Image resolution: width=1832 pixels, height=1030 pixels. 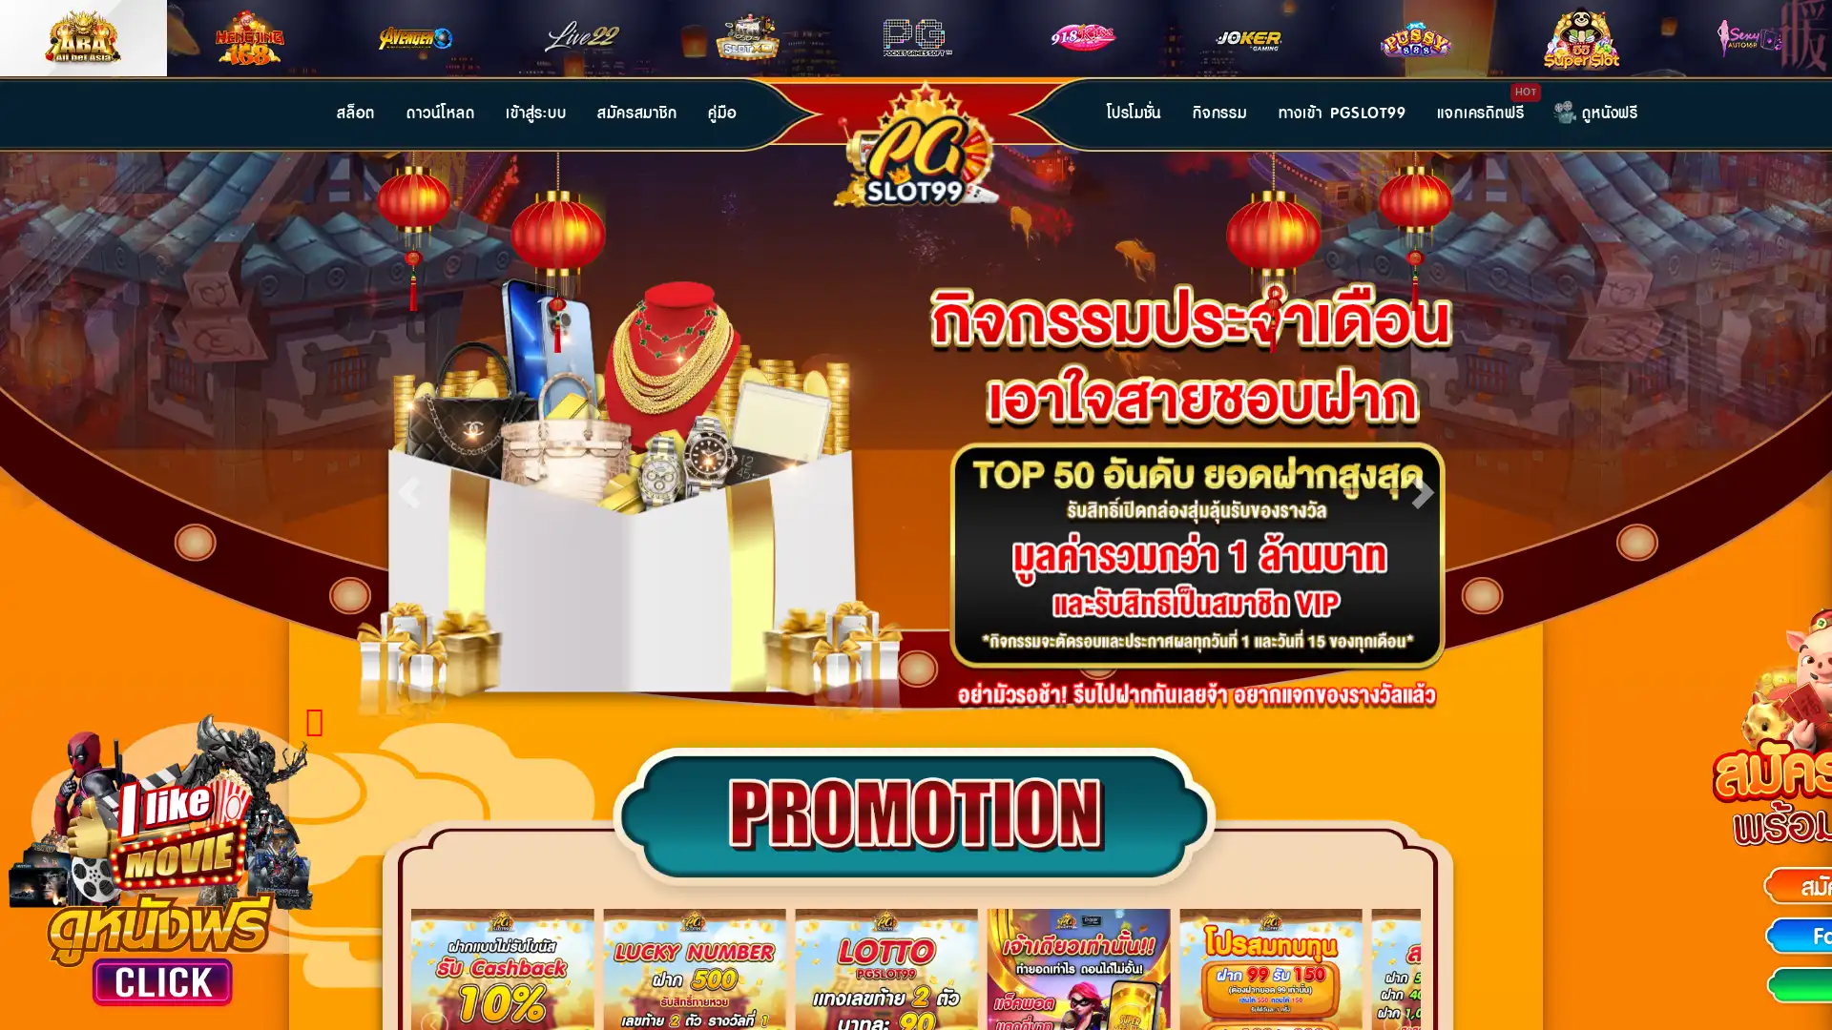 What do you see at coordinates (1423, 487) in the screenshot?
I see `Next` at bounding box center [1423, 487].